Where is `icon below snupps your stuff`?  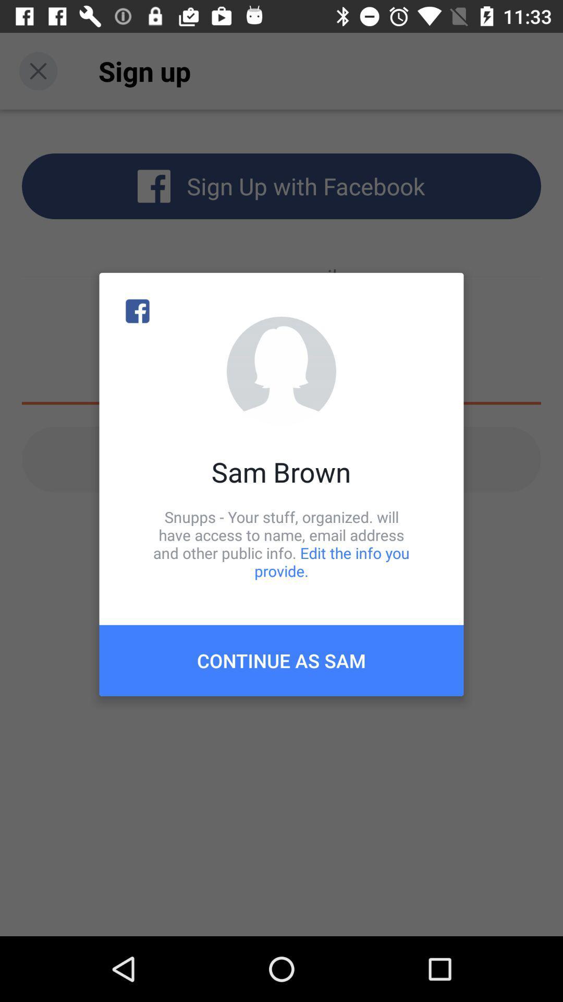
icon below snupps your stuff is located at coordinates (281, 660).